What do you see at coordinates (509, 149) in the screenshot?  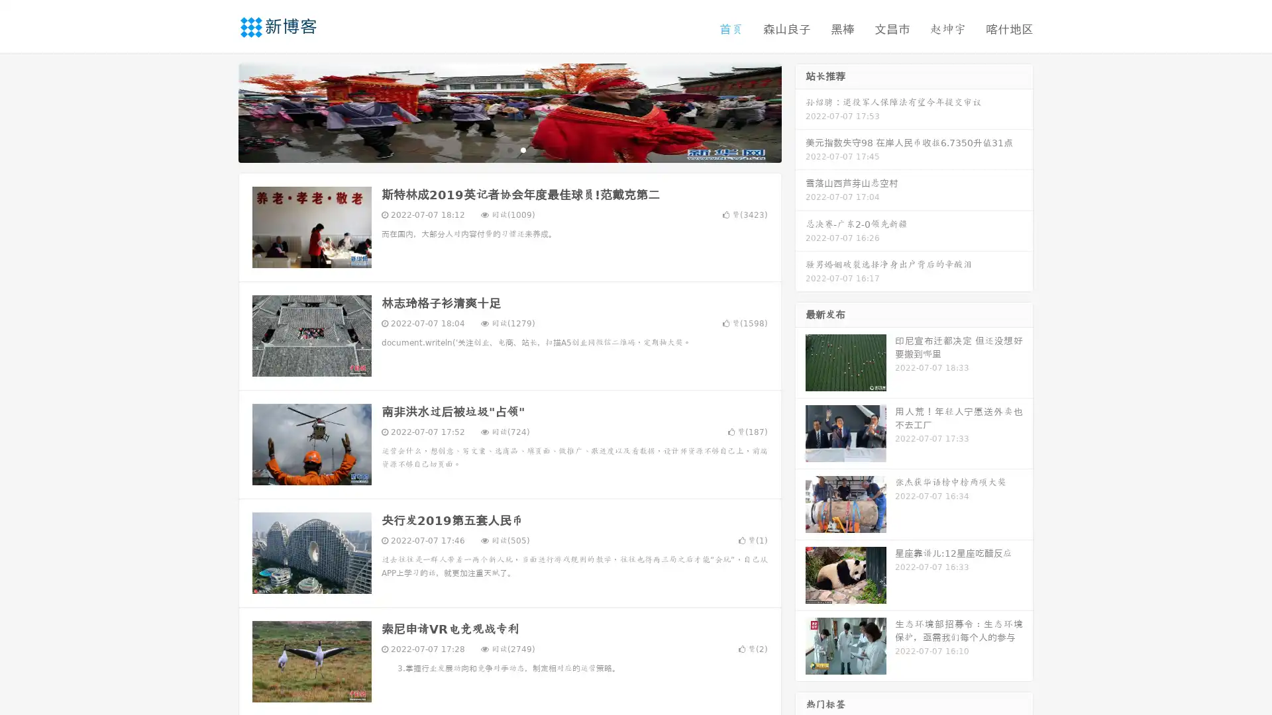 I see `Go to slide 2` at bounding box center [509, 149].